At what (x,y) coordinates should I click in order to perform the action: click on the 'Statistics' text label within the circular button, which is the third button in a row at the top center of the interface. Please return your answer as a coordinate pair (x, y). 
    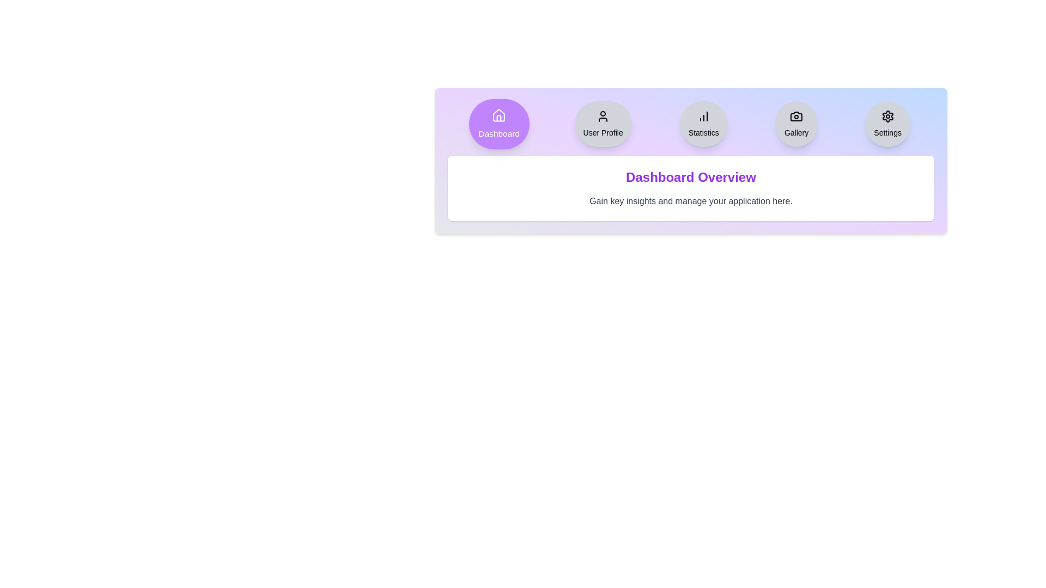
    Looking at the image, I should click on (703, 132).